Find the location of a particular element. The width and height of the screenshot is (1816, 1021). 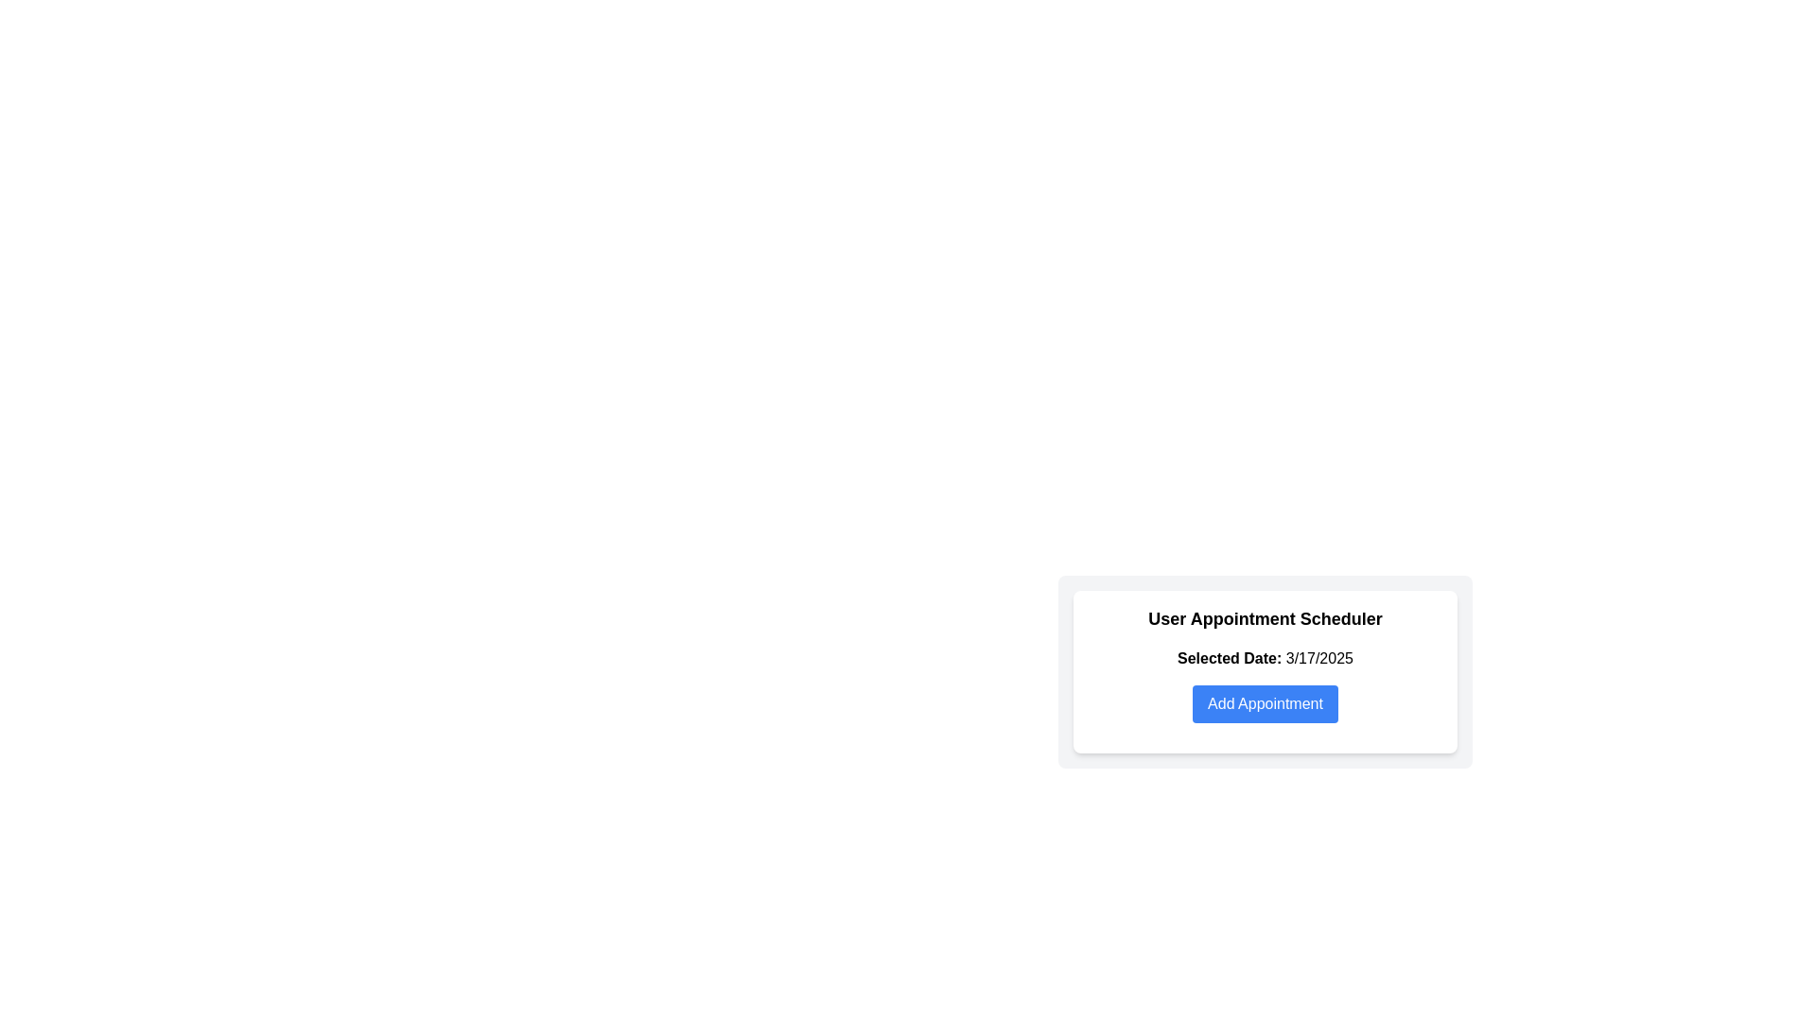

the text label that reads 'User Appointment Scheduler', which is styled in bold and serves as the title for the grouped content is located at coordinates (1266, 619).